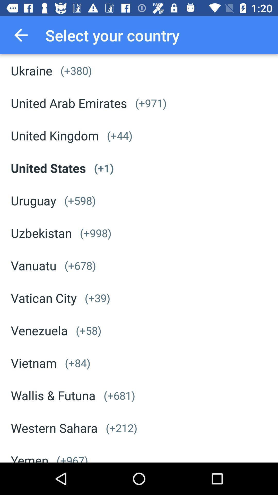 The image size is (278, 495). Describe the element at coordinates (43, 298) in the screenshot. I see `app above venezuela item` at that location.